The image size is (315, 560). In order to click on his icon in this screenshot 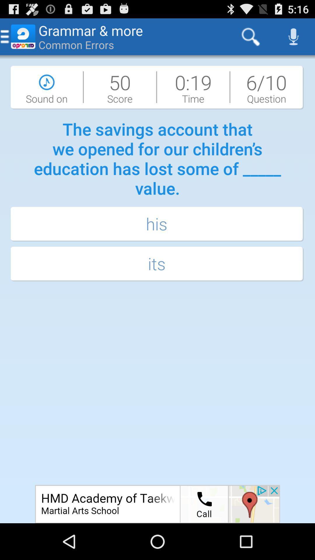, I will do `click(157, 224)`.